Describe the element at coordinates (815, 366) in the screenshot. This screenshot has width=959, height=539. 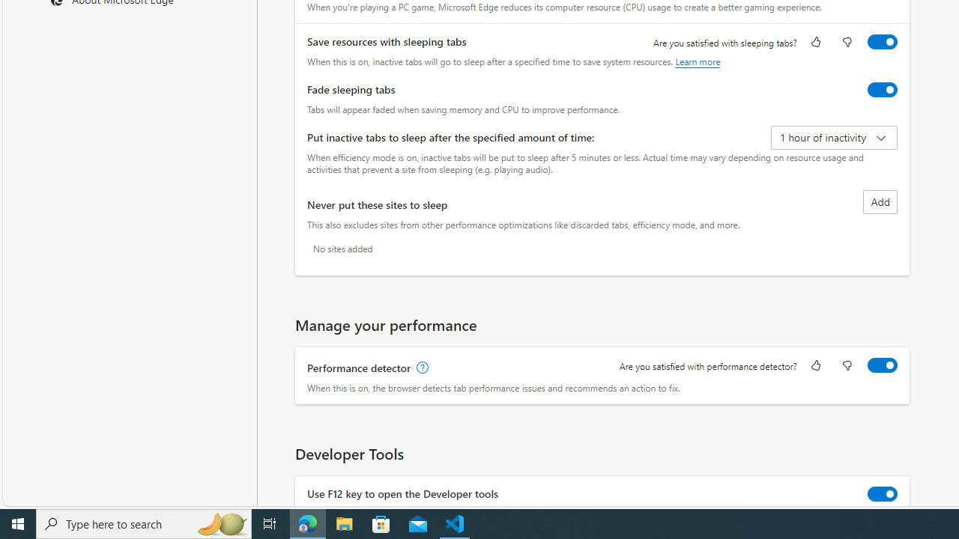
I see `'Like'` at that location.